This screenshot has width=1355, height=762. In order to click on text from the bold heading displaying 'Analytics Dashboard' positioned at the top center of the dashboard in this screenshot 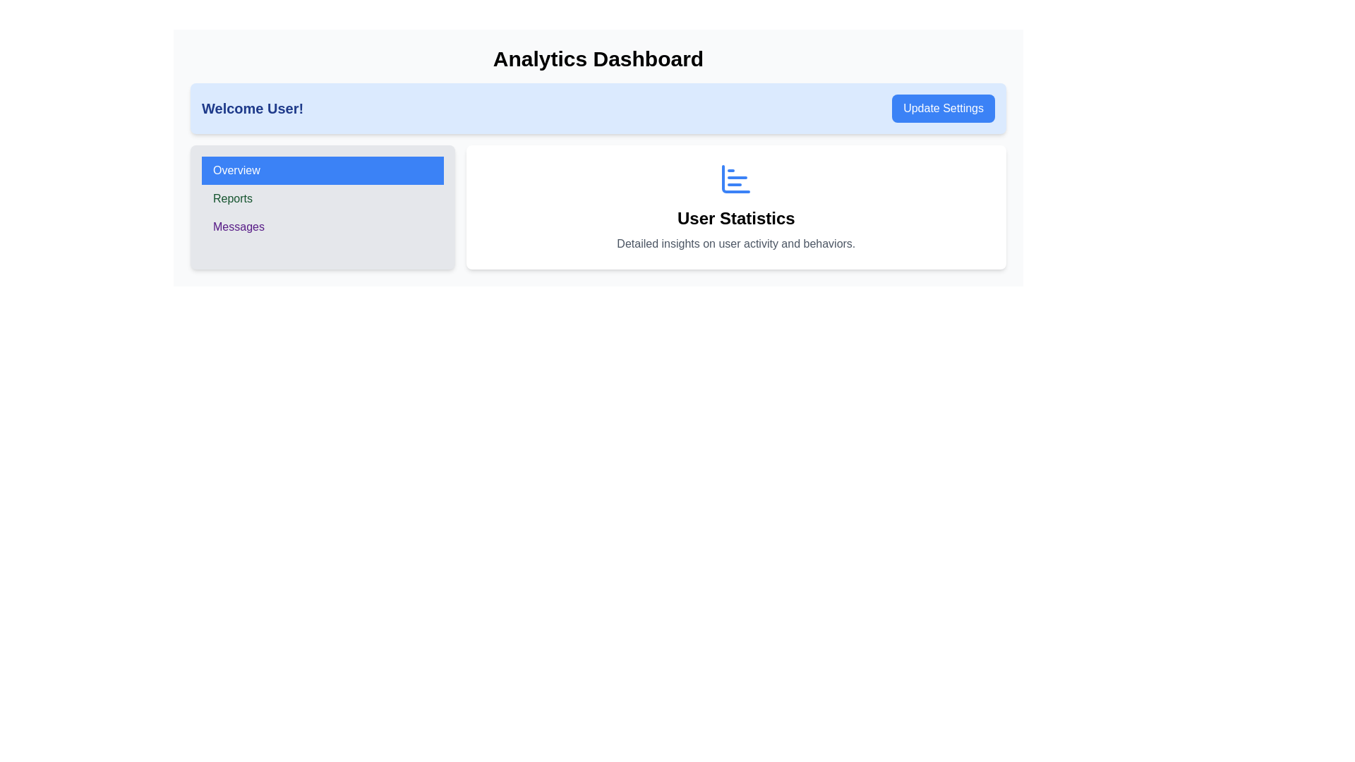, I will do `click(598, 59)`.